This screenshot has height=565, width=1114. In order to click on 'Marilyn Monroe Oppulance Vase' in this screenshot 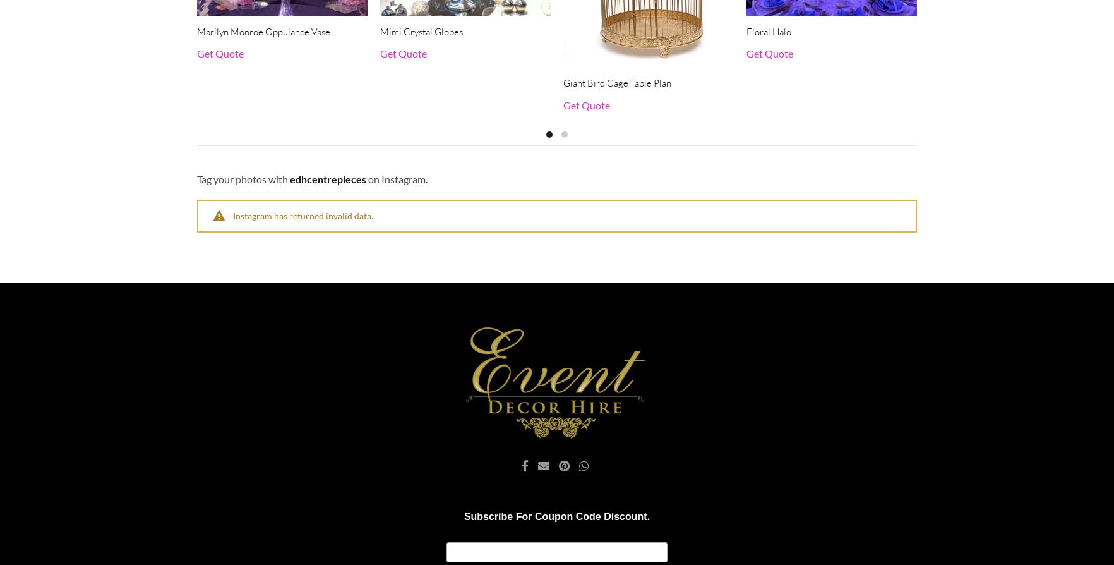, I will do `click(263, 32)`.